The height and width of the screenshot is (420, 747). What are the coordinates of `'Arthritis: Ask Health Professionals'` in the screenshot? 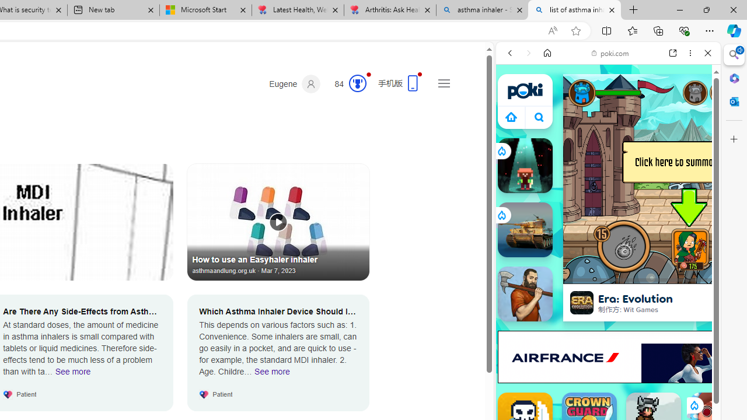 It's located at (390, 10).